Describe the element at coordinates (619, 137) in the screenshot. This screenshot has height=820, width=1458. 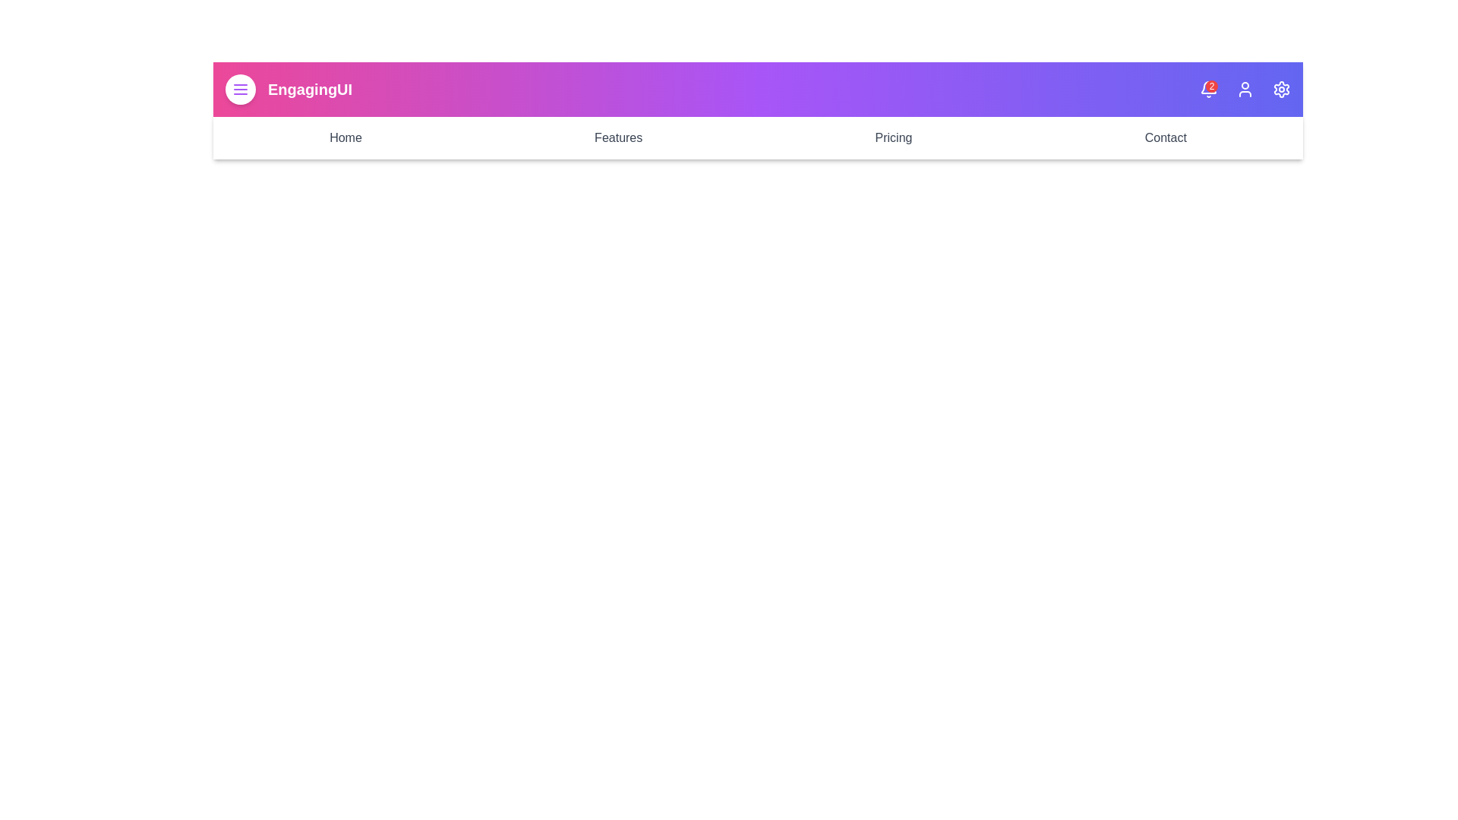
I see `the Features navigation link` at that location.